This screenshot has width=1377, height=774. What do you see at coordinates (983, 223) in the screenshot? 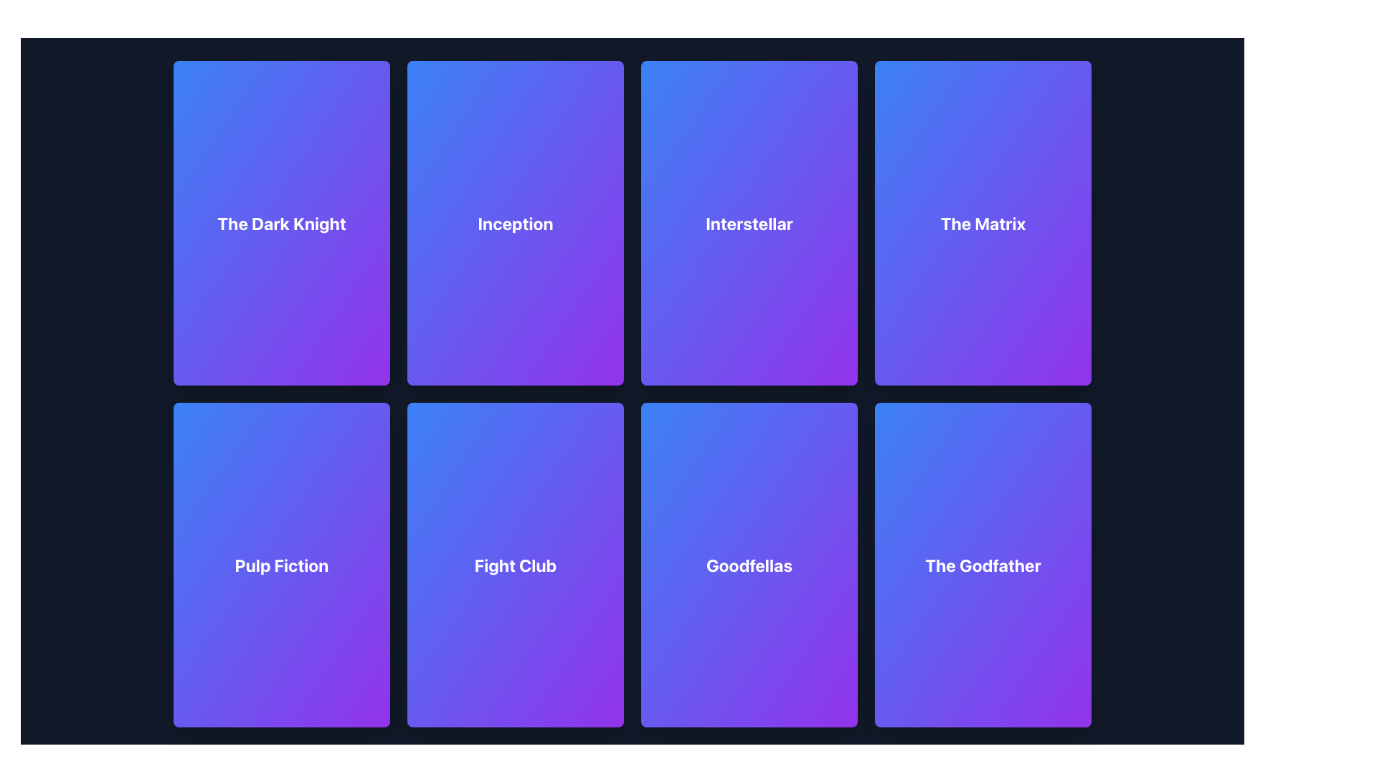
I see `the text label displaying 'The Matrix', which is centered within a rectangular background gradient, located in the fourth card of the top row in the movie grid layout` at bounding box center [983, 223].